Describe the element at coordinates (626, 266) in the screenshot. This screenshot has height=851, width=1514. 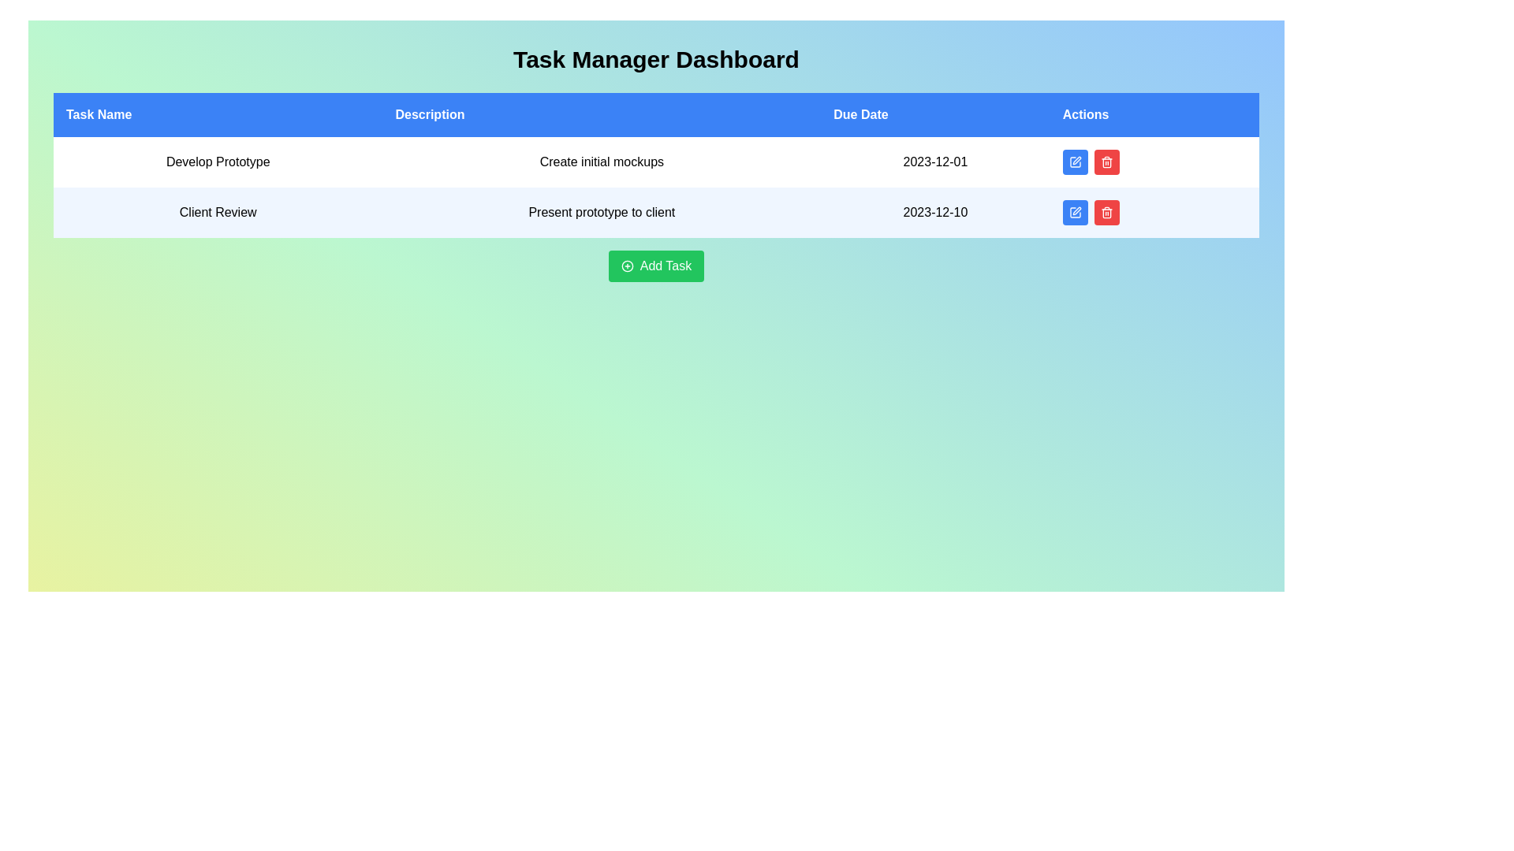
I see `the SVG Graphics Circle element that serves as the background of the 'Add Task' button in the Task Manager Dashboard` at that location.